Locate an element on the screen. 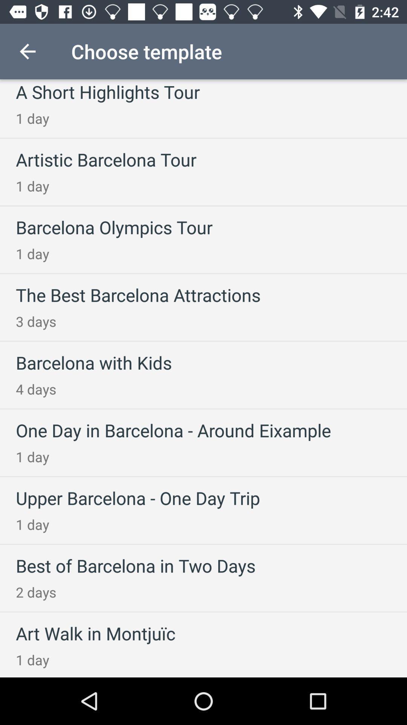 The width and height of the screenshot is (407, 725). icon next to the choose template icon is located at coordinates (27, 51).